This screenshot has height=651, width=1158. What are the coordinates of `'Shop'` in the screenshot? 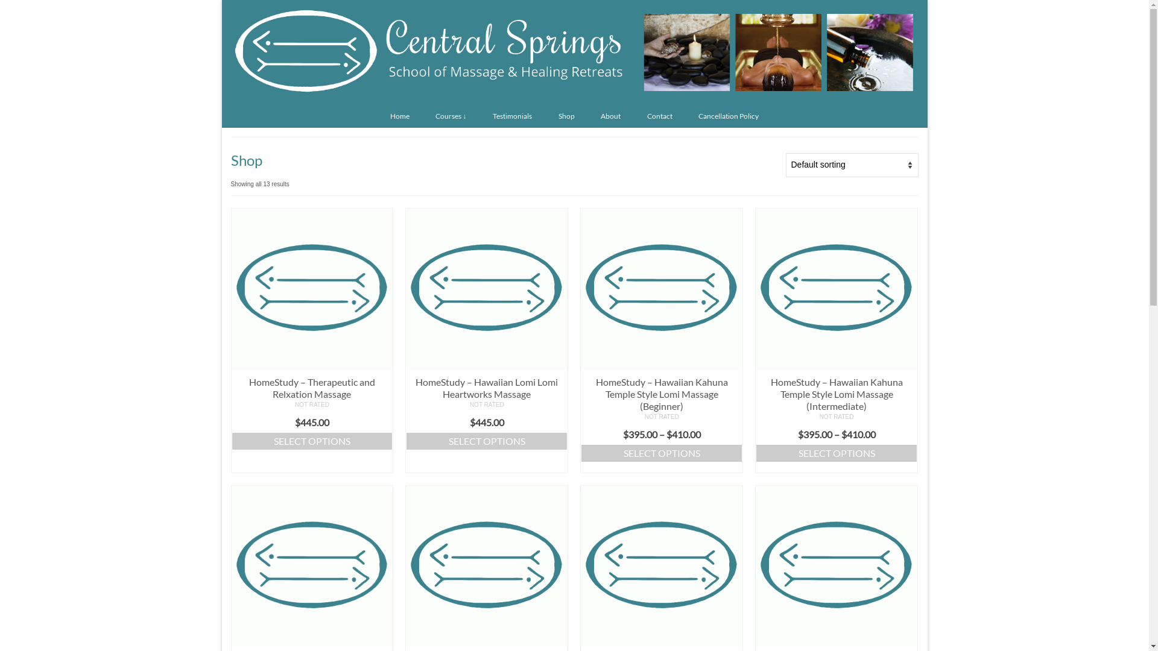 It's located at (566, 116).